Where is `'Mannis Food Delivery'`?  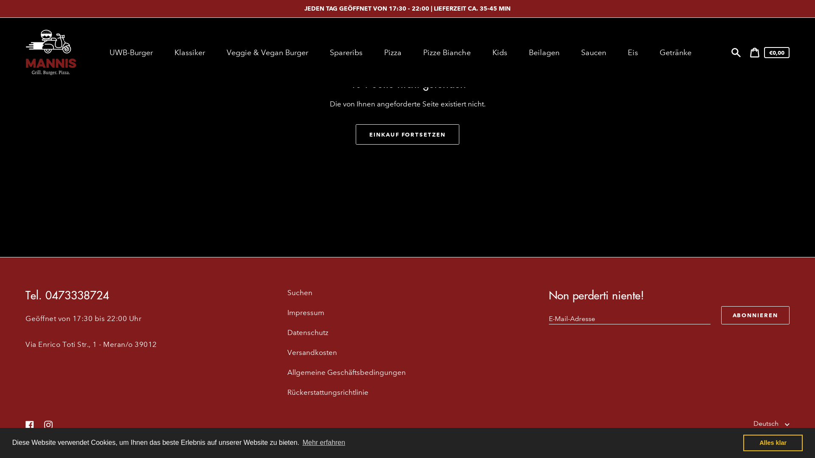
'Mannis Food Delivery' is located at coordinates (70, 441).